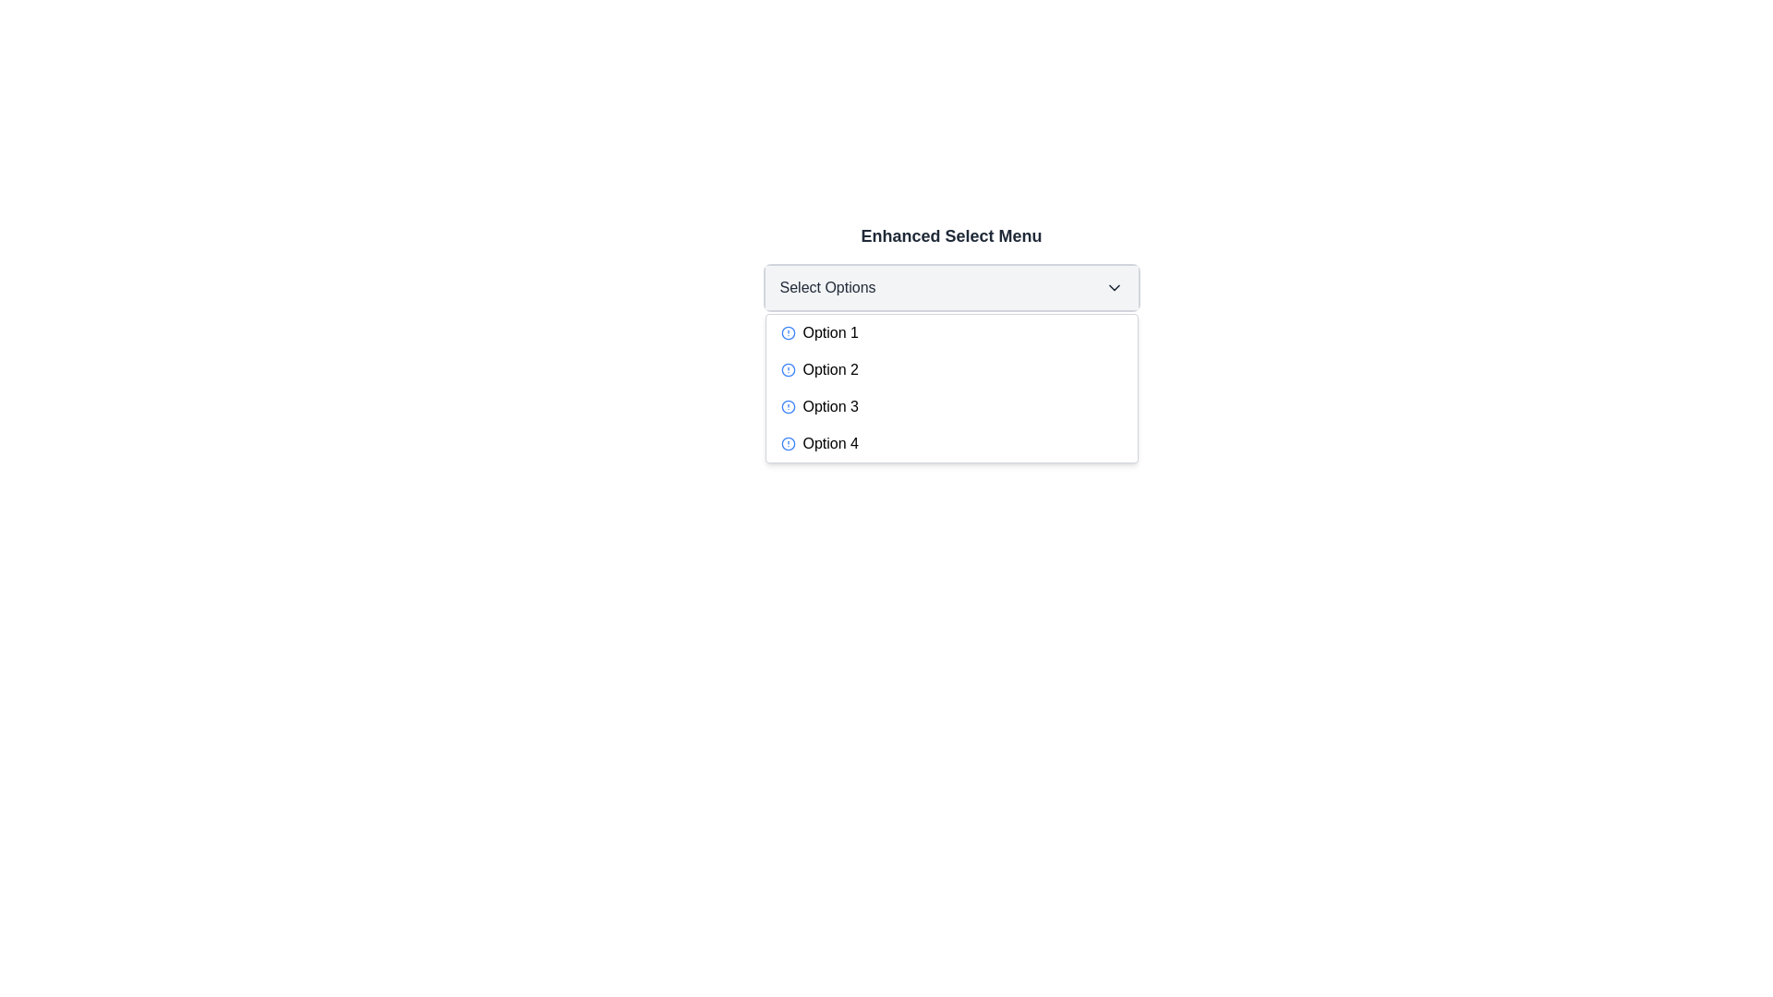  I want to click on the Dropdown indicator icon located on the right side of the 'Select Options' button, so click(1113, 288).